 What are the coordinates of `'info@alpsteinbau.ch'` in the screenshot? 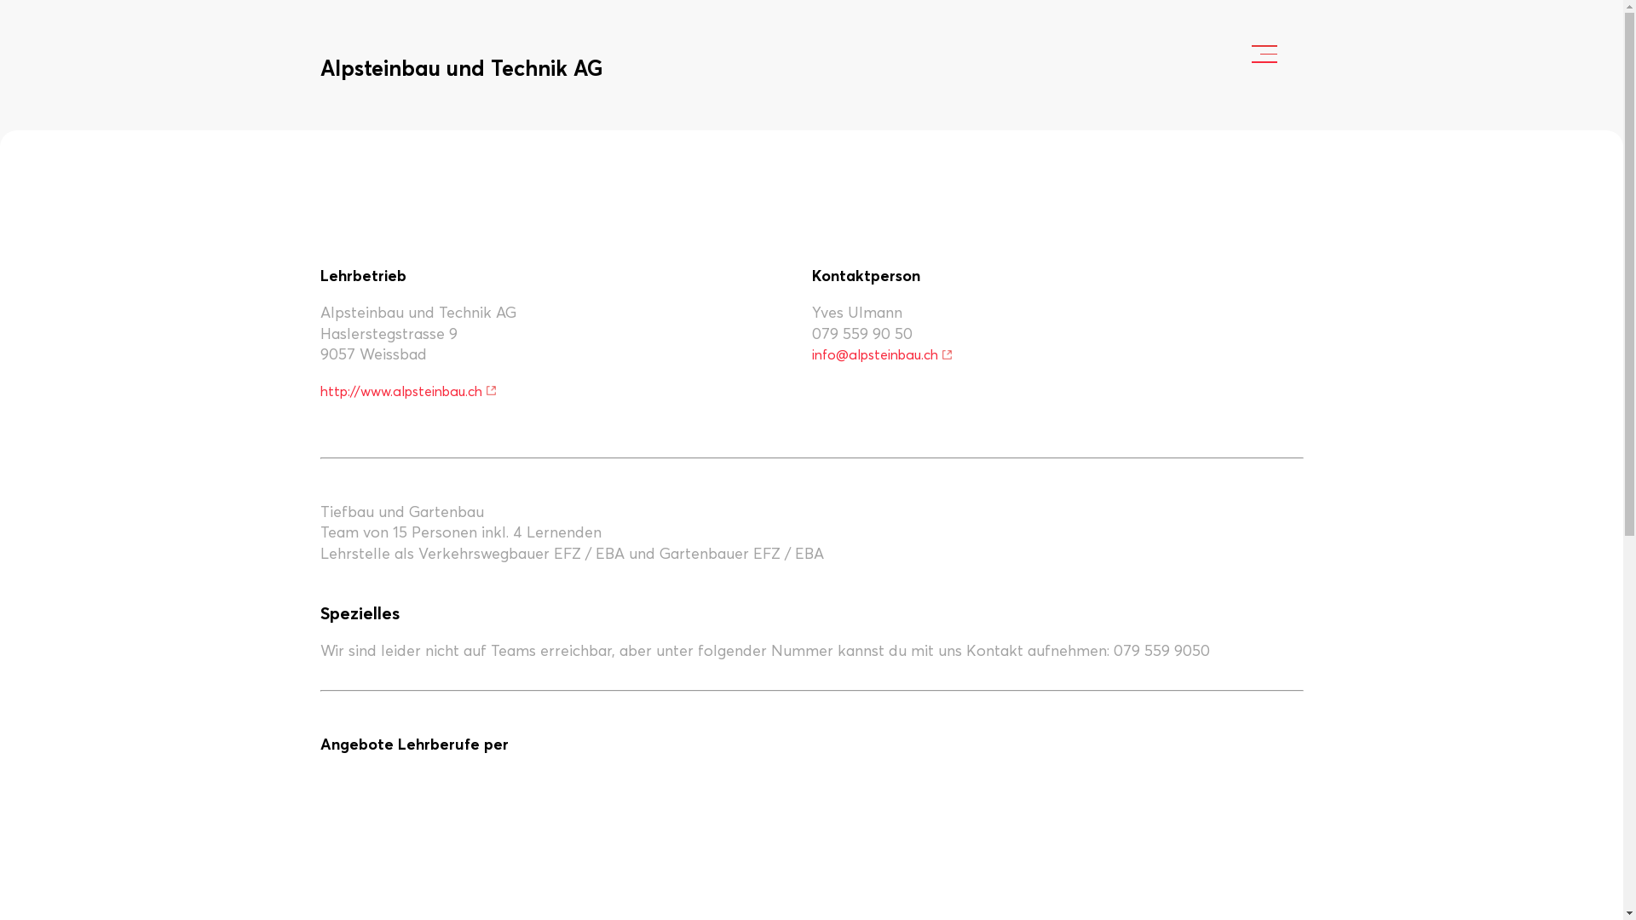 It's located at (882, 354).